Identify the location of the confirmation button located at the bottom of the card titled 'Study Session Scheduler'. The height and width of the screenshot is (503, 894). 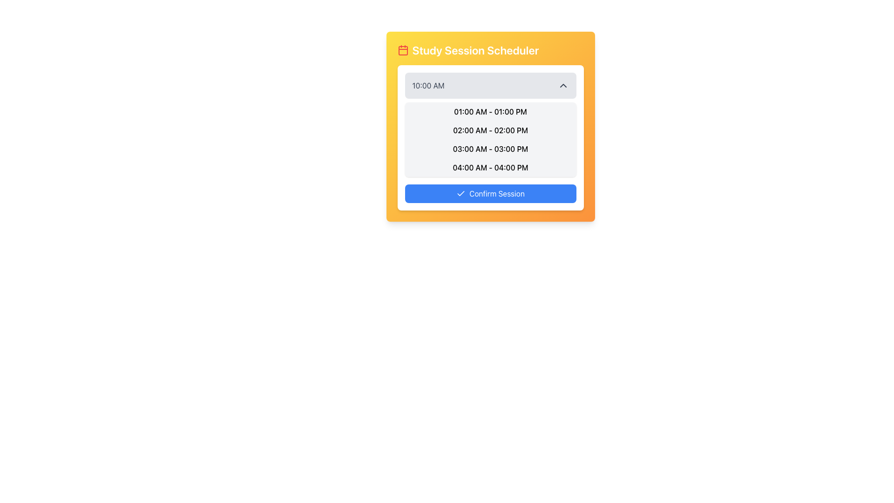
(490, 193).